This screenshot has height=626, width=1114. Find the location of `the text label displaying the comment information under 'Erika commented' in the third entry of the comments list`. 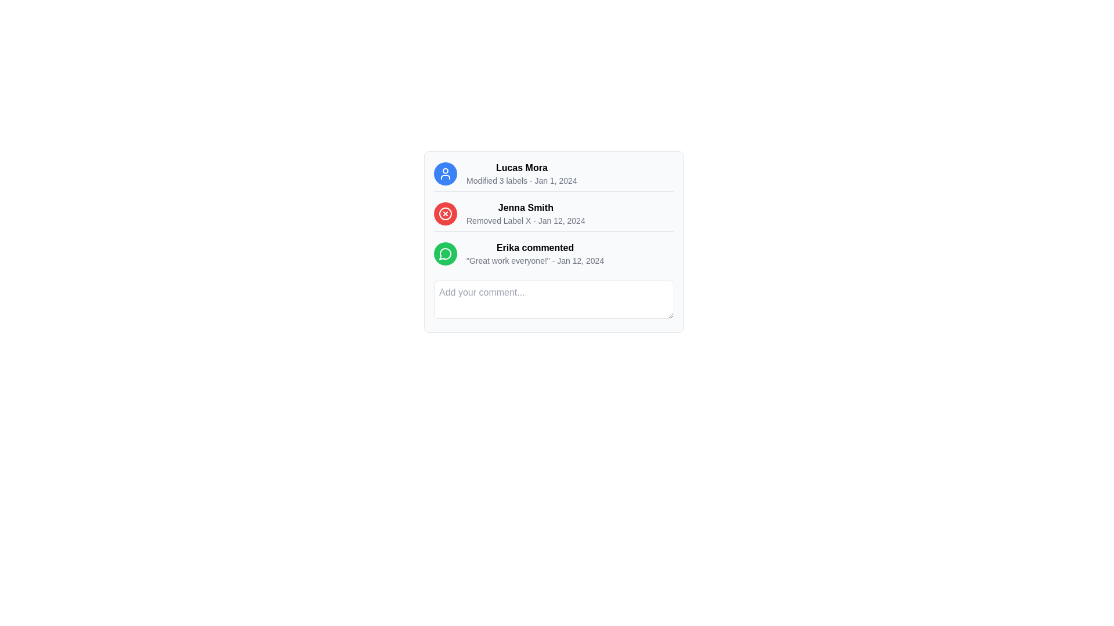

the text label displaying the comment information under 'Erika commented' in the third entry of the comments list is located at coordinates (534, 261).